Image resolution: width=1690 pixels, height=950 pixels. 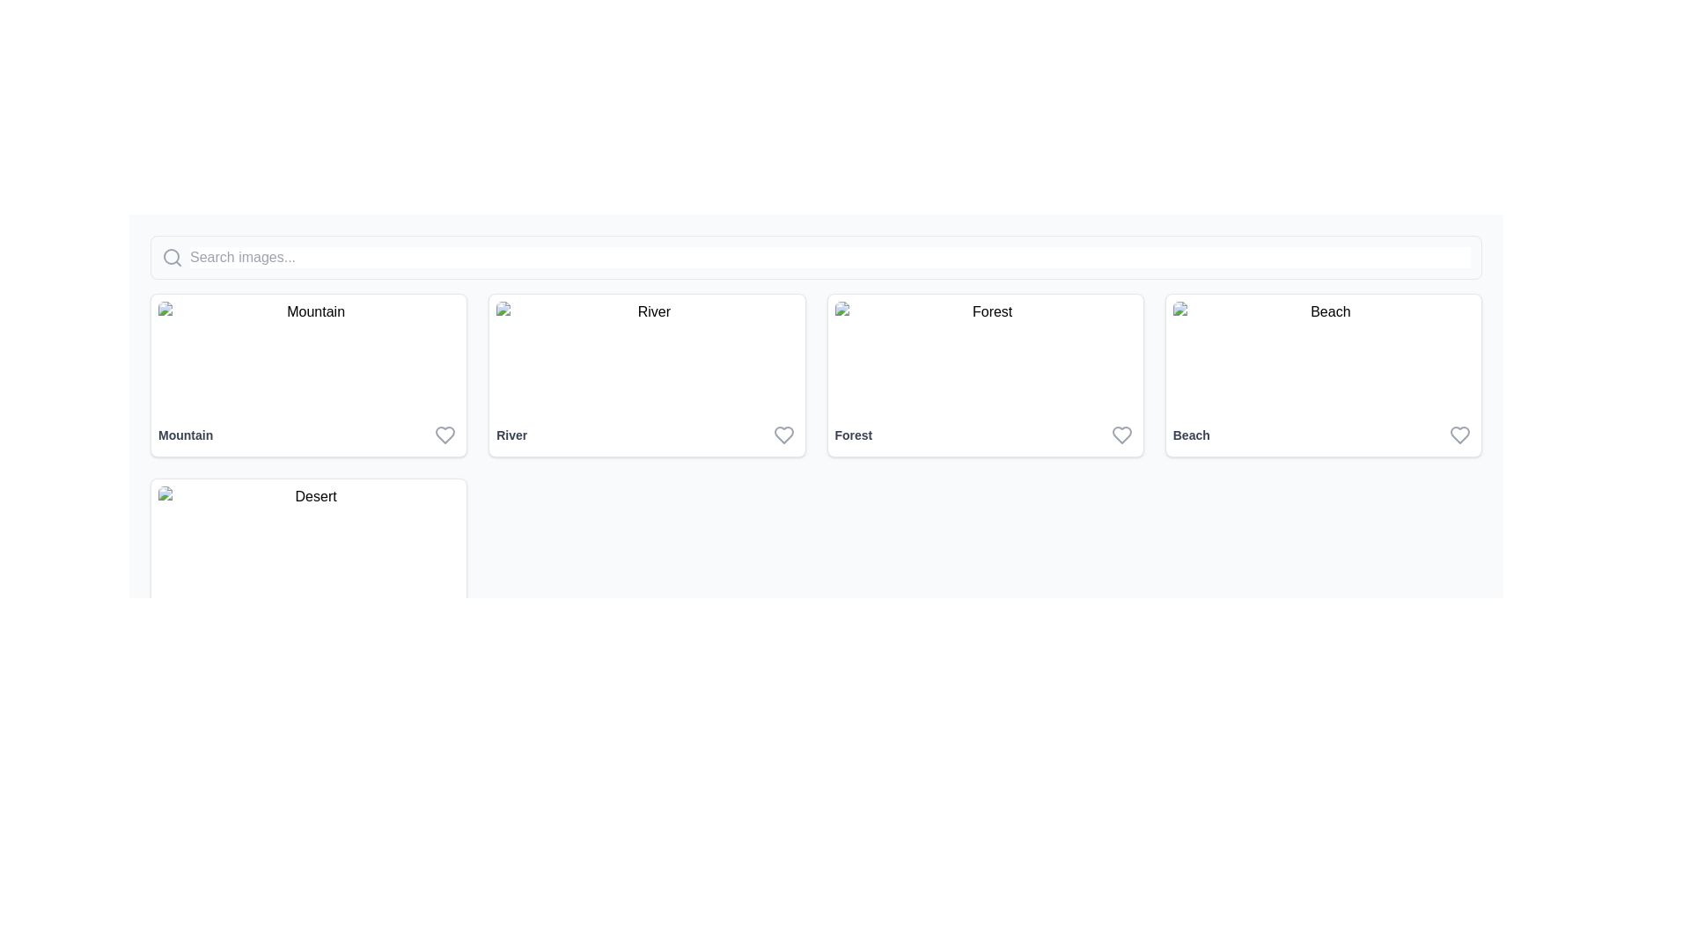 I want to click on static text element that serves as the title or label of the card labeled 'Forest', located in the lower middle of the card component, so click(x=853, y=435).